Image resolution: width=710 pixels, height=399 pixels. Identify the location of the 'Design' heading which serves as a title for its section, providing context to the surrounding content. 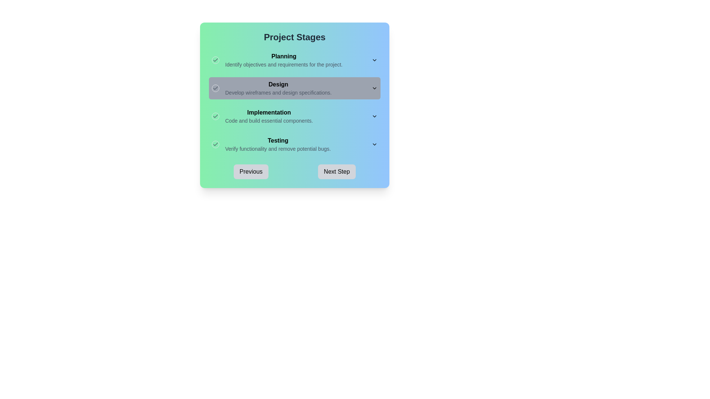
(278, 84).